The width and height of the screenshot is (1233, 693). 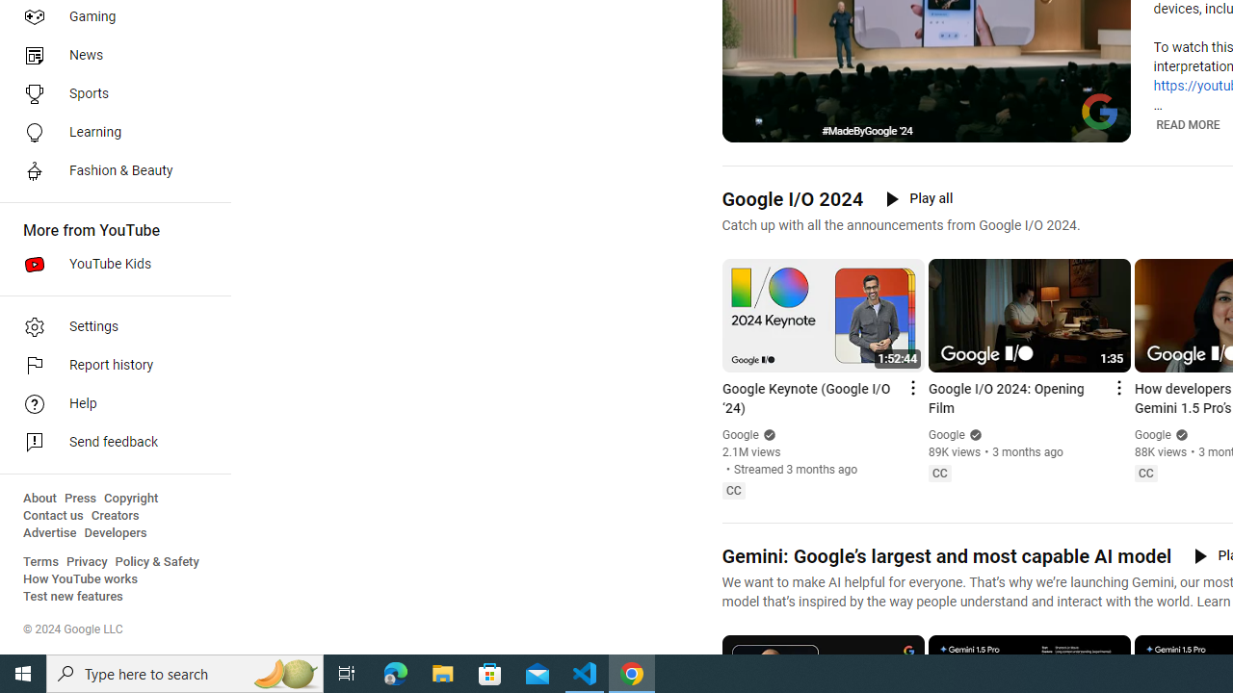 I want to click on 'Play all', so click(x=918, y=198).